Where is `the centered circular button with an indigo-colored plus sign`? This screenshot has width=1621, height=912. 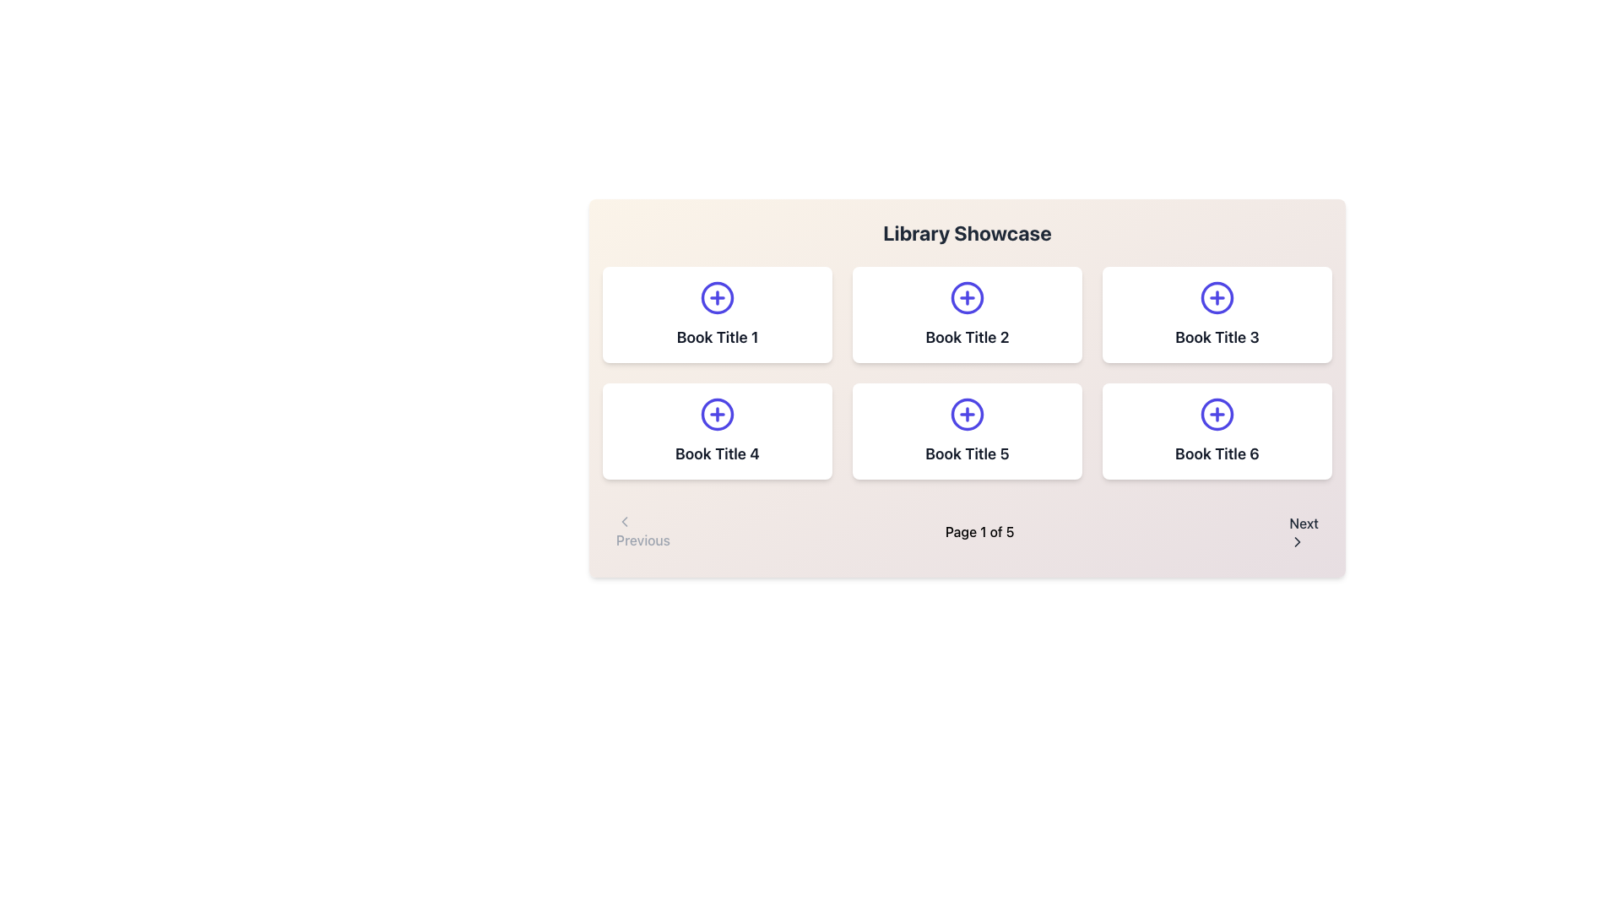 the centered circular button with an indigo-colored plus sign is located at coordinates (968, 414).